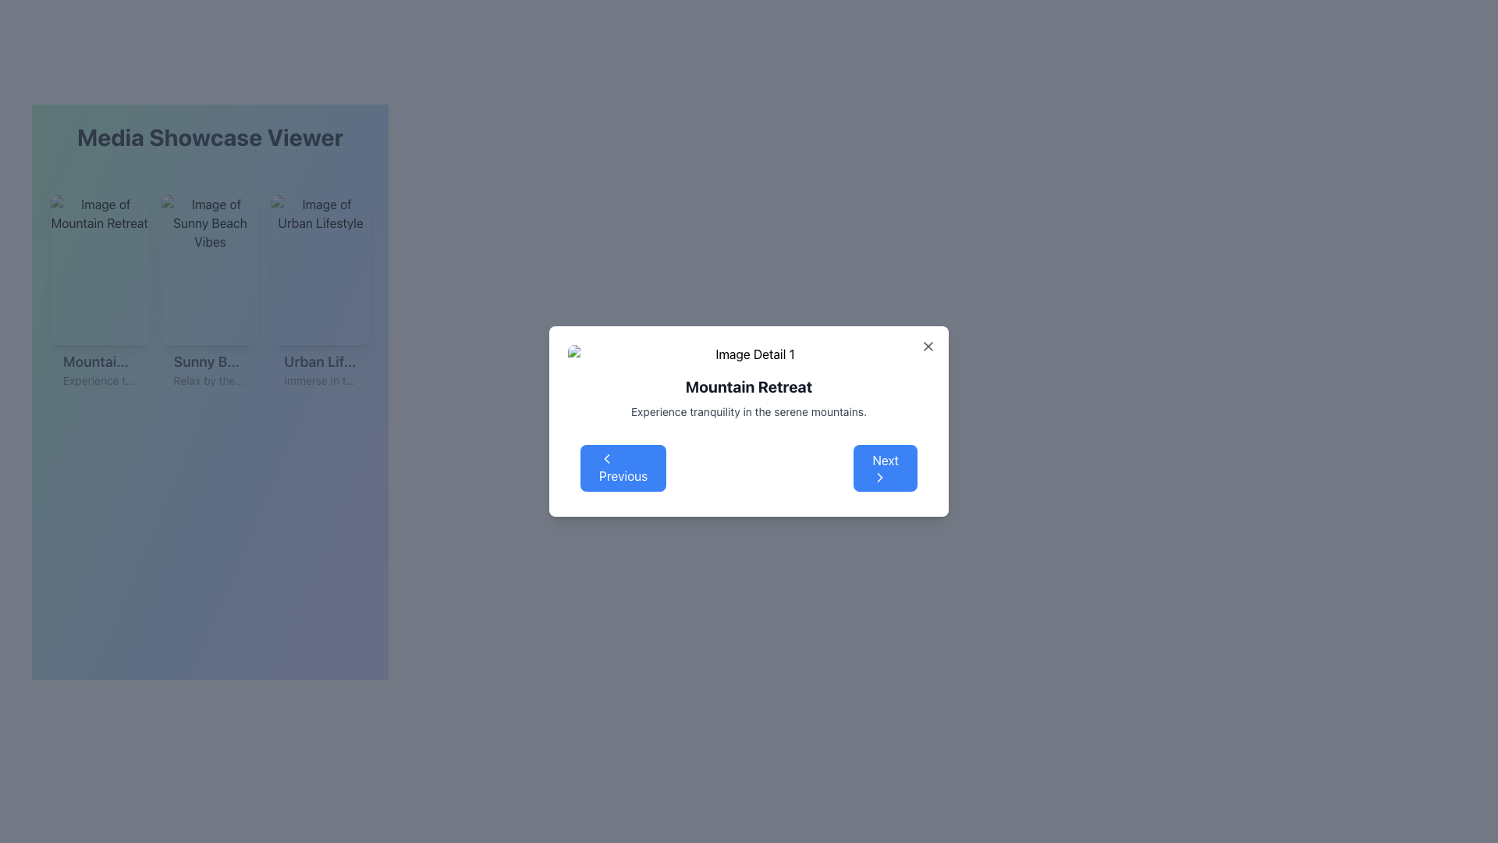 Image resolution: width=1498 pixels, height=843 pixels. Describe the element at coordinates (98, 370) in the screenshot. I see `the text field displaying 'Mountain Retreat' and its subtitle 'Experience tranquility in the serene mountains.'` at that location.